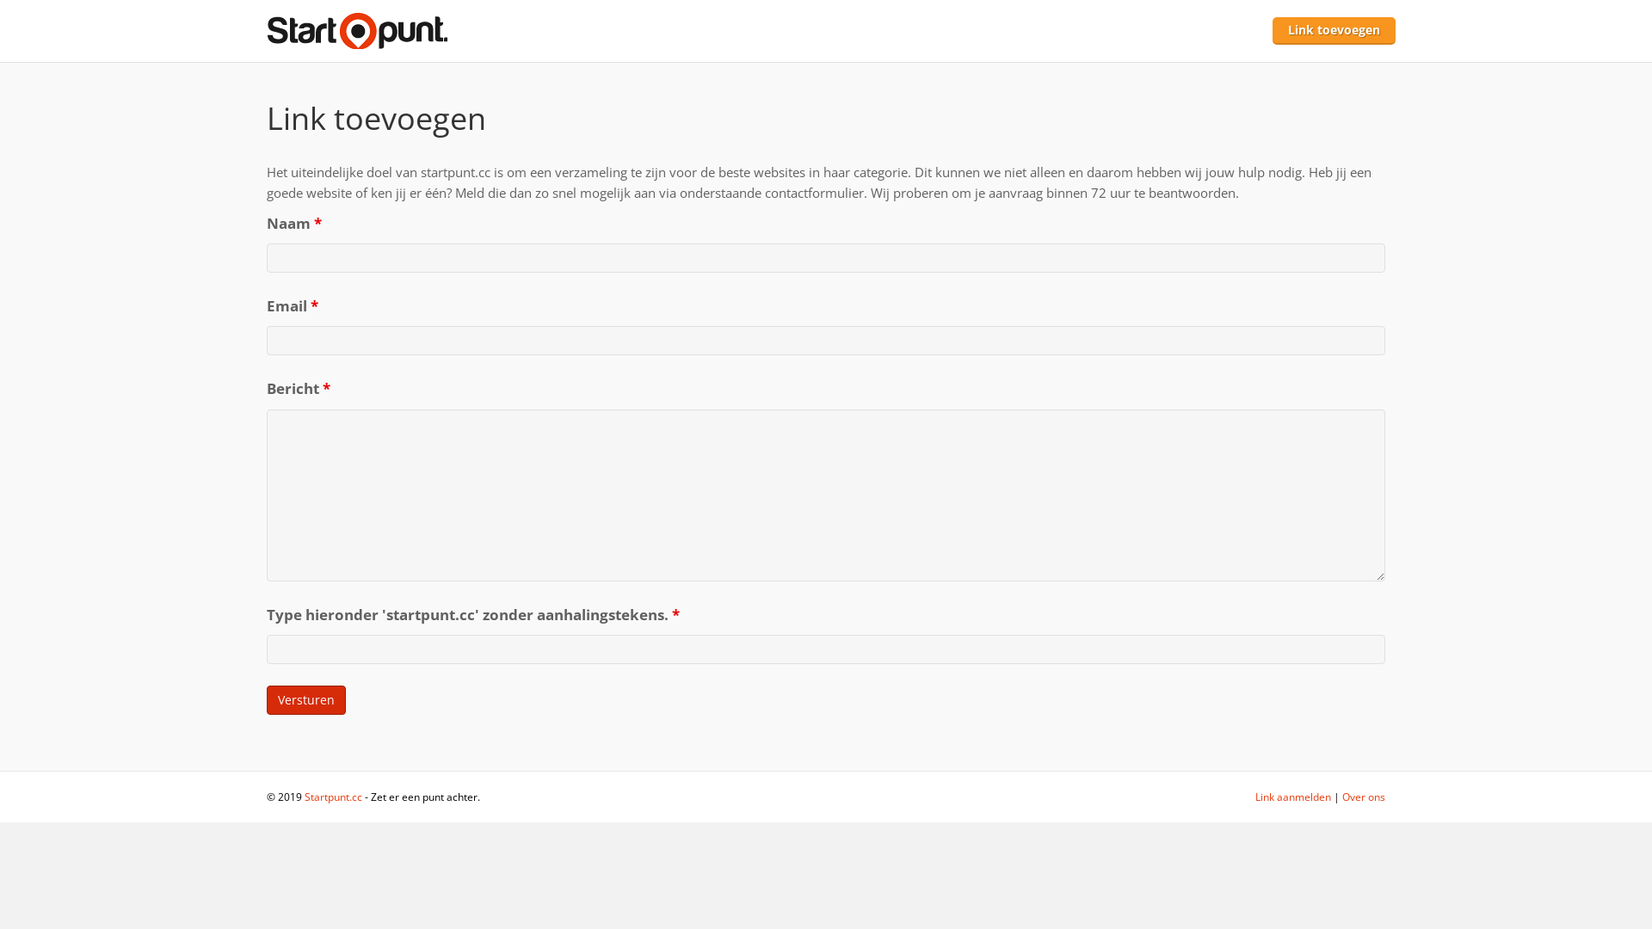 This screenshot has width=1652, height=929. What do you see at coordinates (1362, 797) in the screenshot?
I see `'Over ons'` at bounding box center [1362, 797].